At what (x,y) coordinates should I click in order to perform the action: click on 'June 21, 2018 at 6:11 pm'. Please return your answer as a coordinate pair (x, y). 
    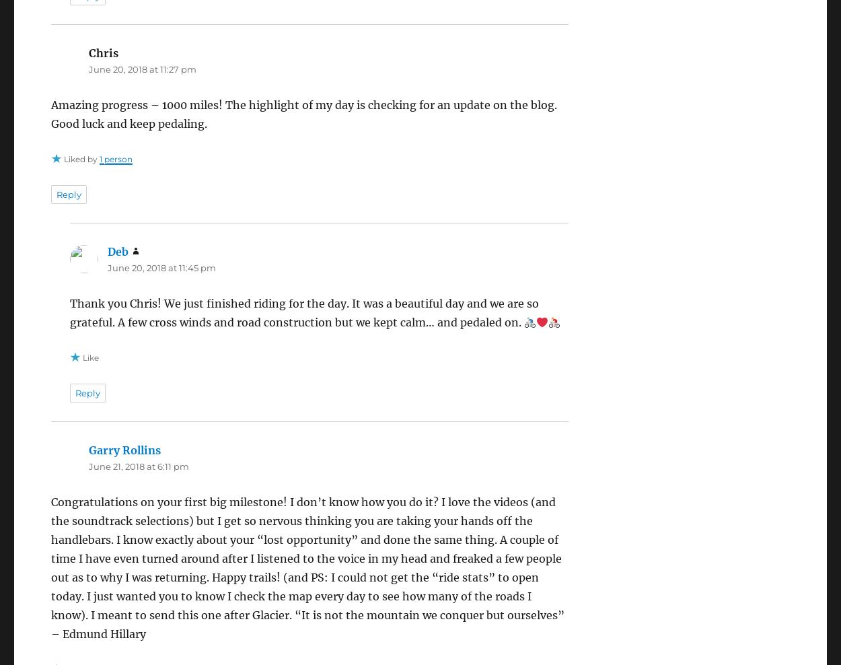
    Looking at the image, I should click on (88, 465).